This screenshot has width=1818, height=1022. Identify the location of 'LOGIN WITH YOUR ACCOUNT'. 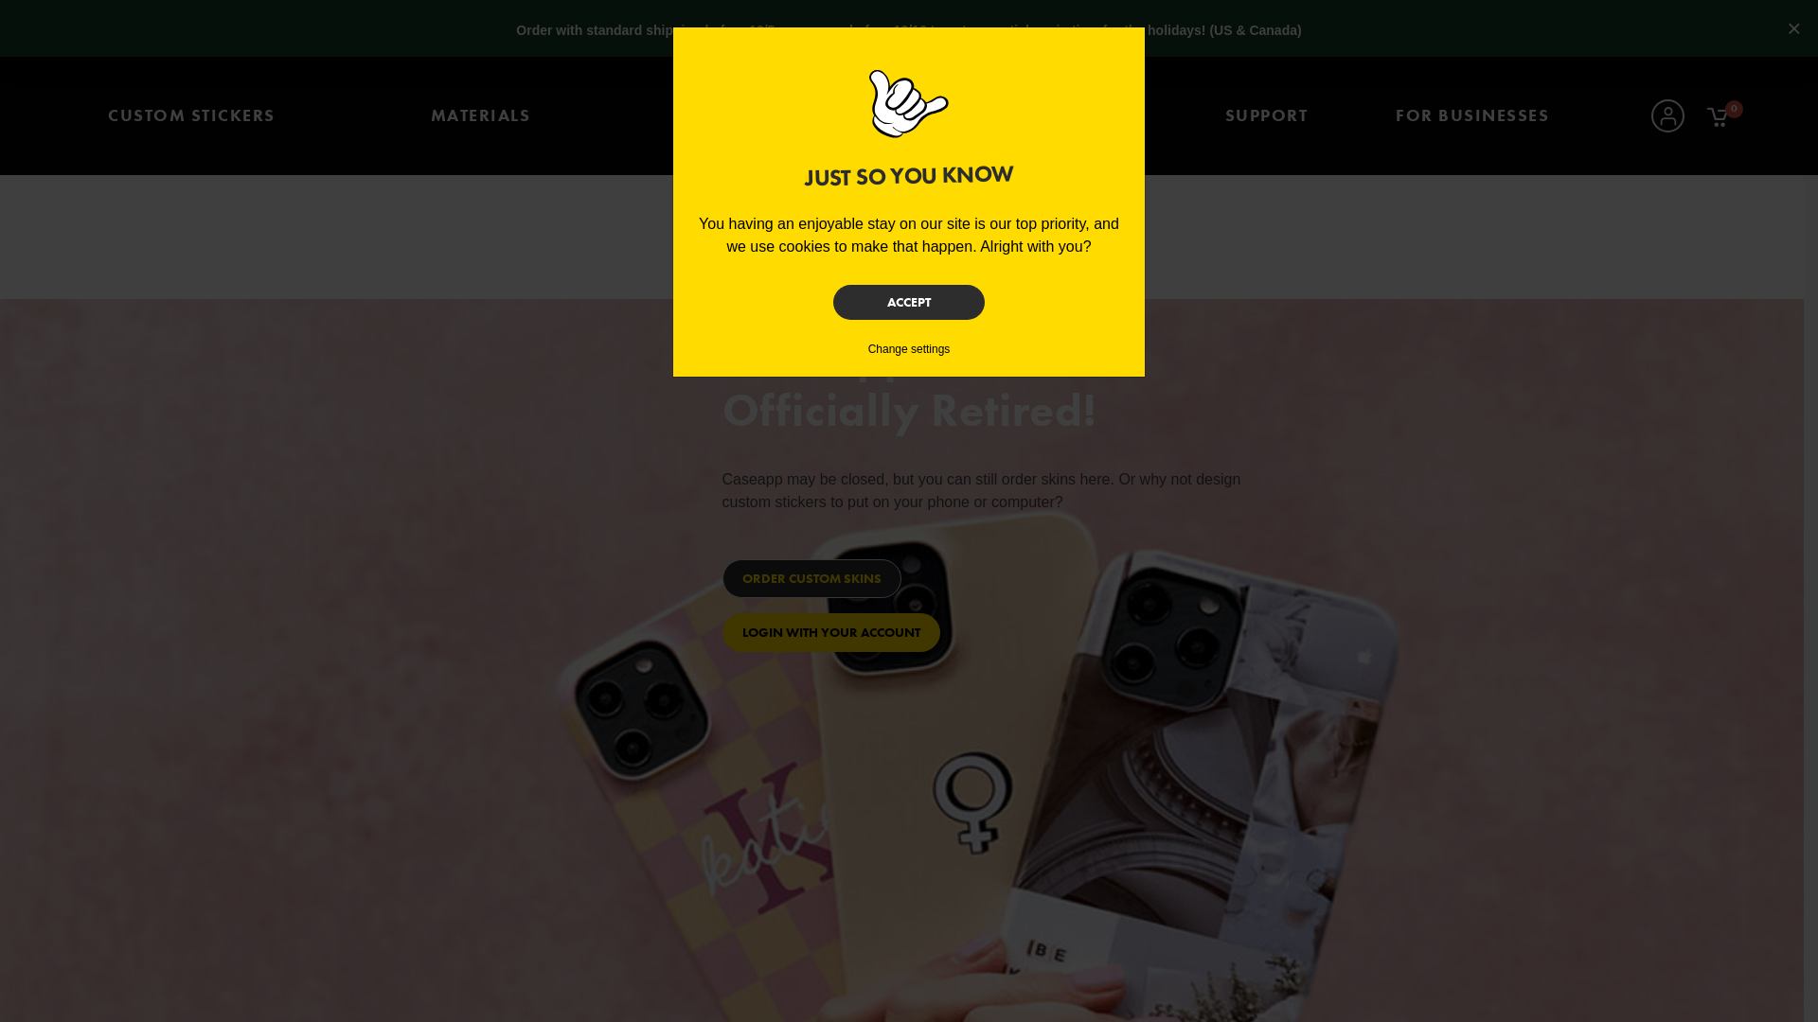
(830, 632).